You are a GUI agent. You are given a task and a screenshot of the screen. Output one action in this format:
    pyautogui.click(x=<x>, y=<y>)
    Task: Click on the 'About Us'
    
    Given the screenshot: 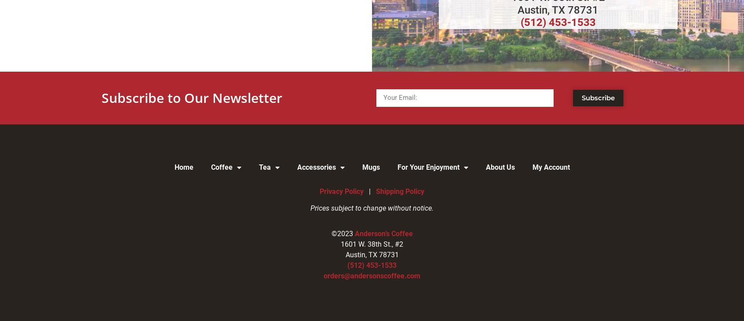 What is the action you would take?
    pyautogui.click(x=500, y=166)
    